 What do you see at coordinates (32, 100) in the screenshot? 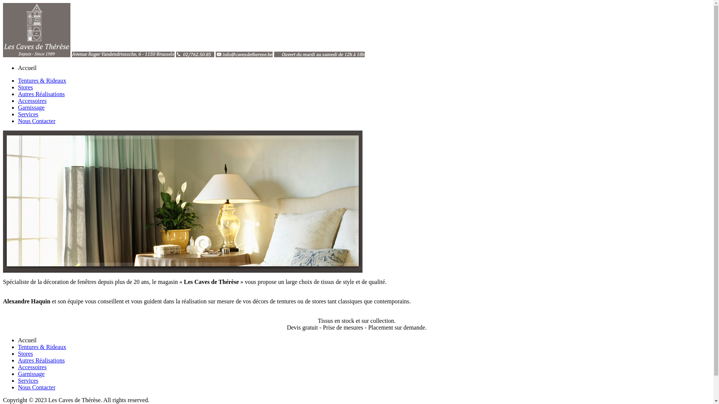
I see `'Accessoires'` at bounding box center [32, 100].